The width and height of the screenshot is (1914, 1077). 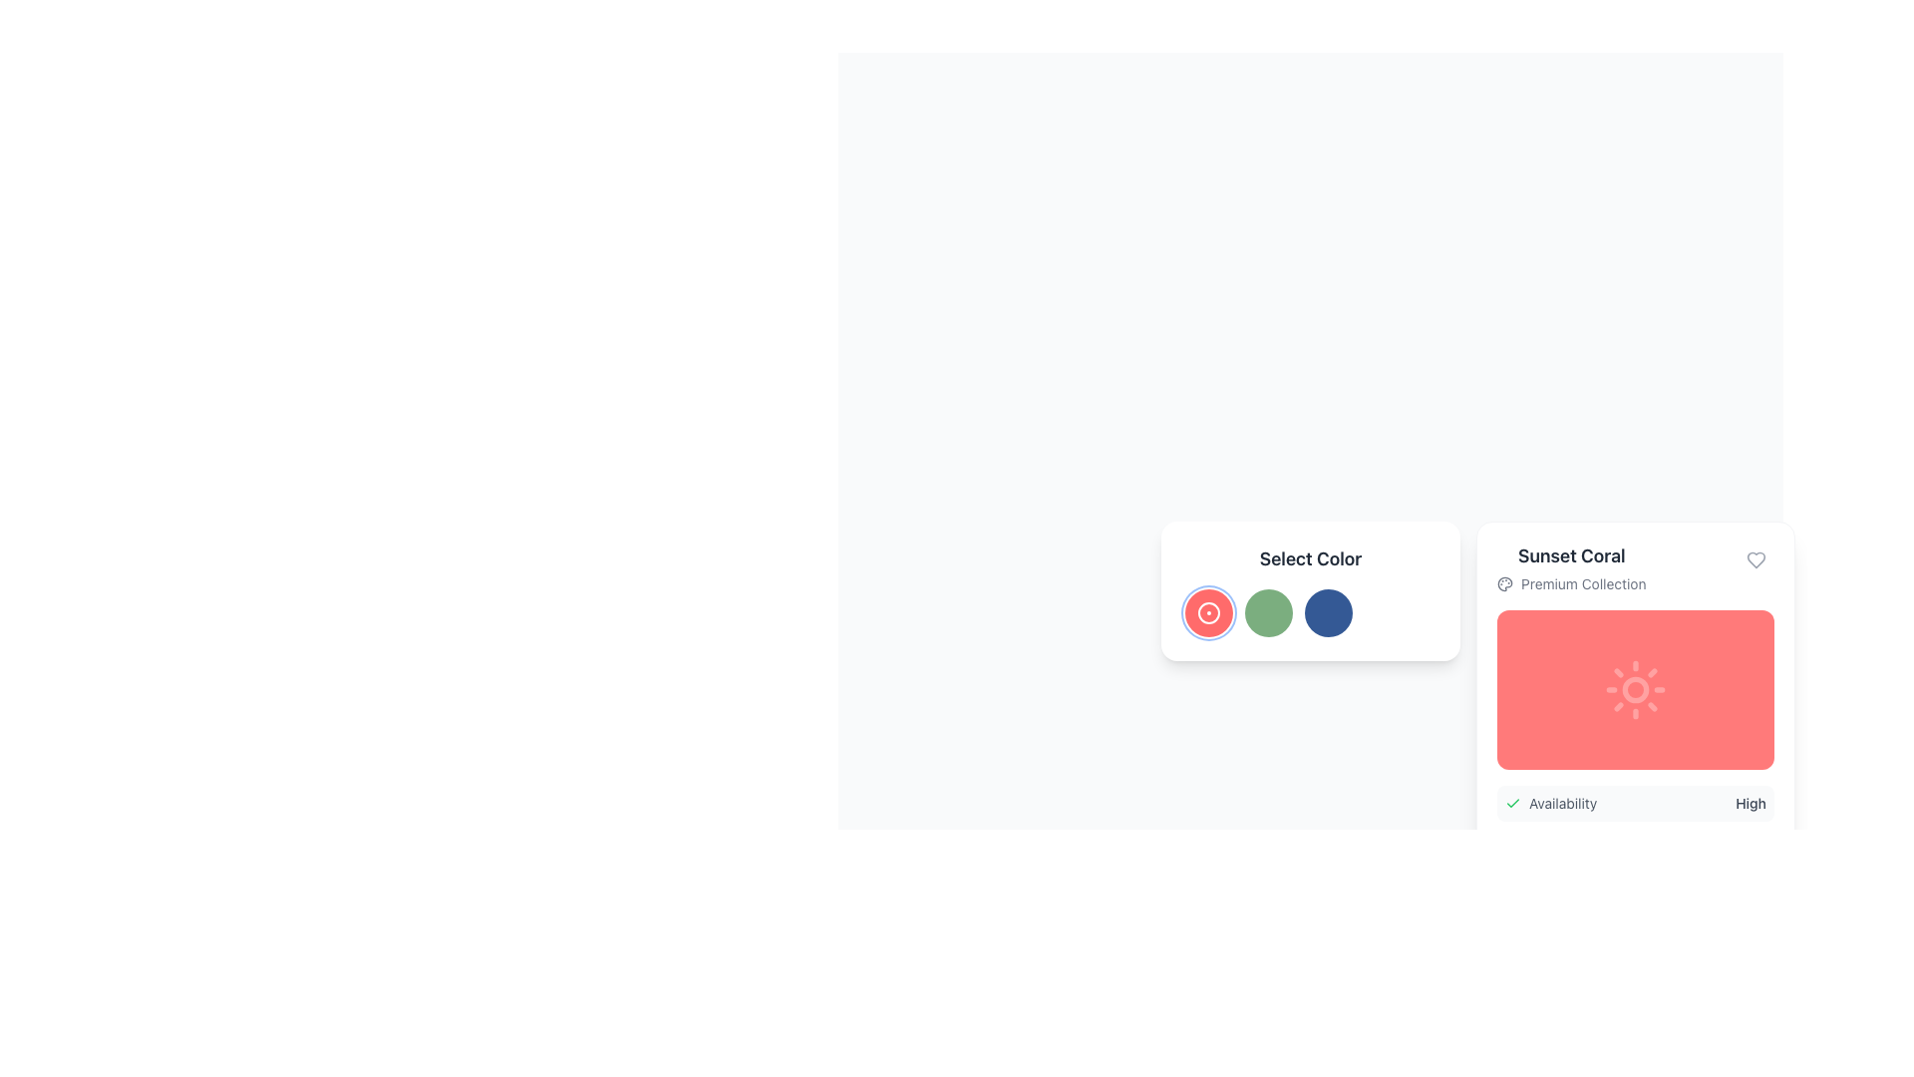 I want to click on information displayed in the Information Display Panel located beneath the 'Sunset Coral' card, which includes availability, shipping time, and popularity details, so click(x=1636, y=851).